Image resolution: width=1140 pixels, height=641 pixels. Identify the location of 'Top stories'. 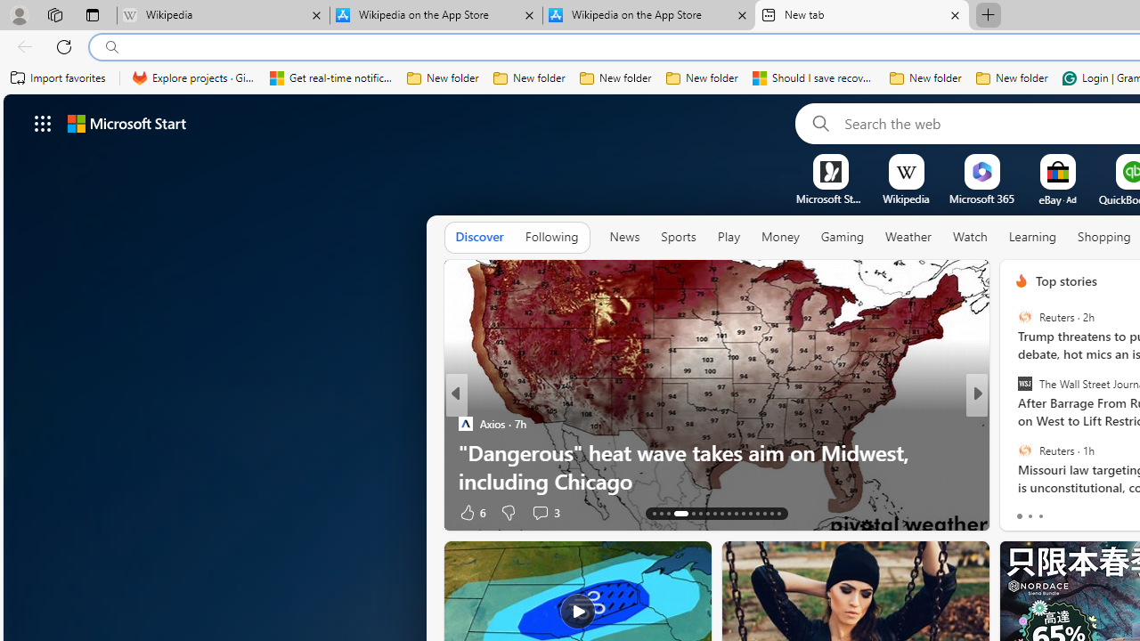
(1065, 280).